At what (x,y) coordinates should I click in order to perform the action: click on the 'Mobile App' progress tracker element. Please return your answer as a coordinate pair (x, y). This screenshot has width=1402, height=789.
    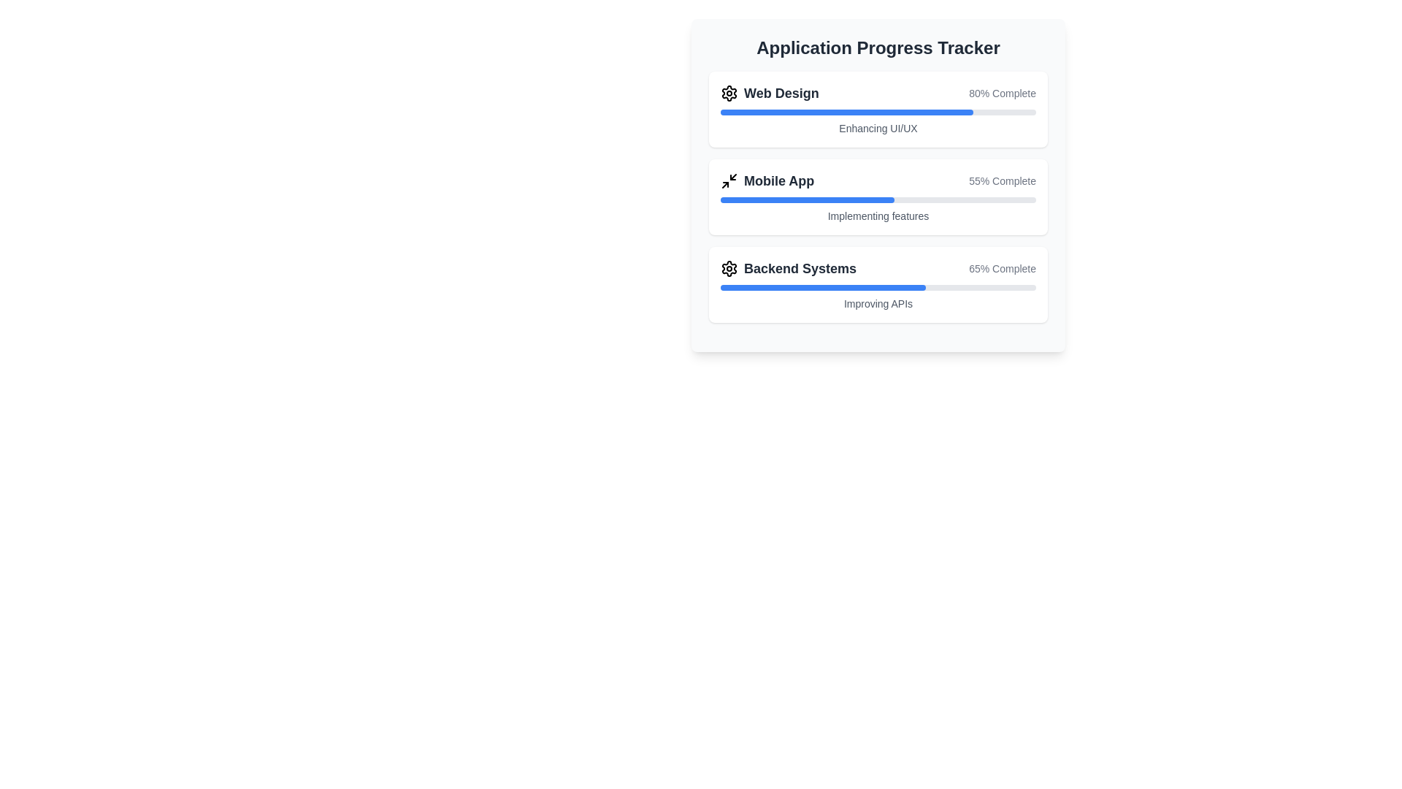
    Looking at the image, I should click on (878, 180).